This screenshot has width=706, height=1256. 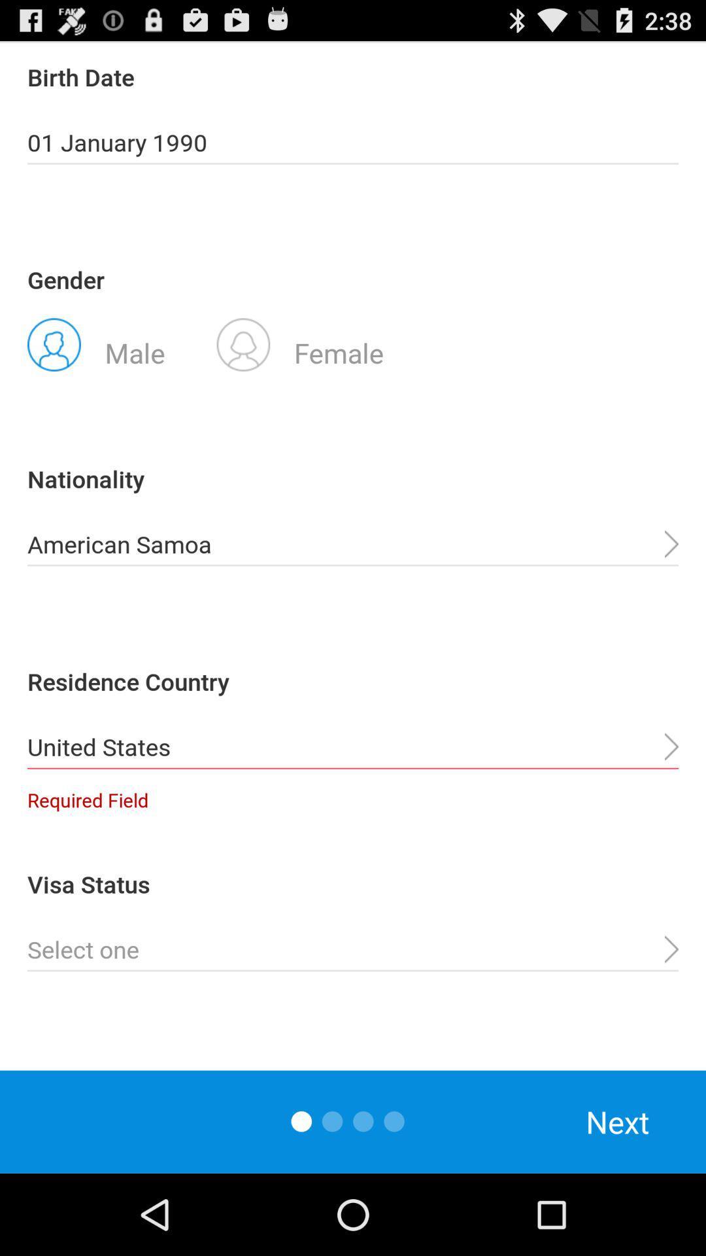 I want to click on male radio button, so click(x=95, y=343).